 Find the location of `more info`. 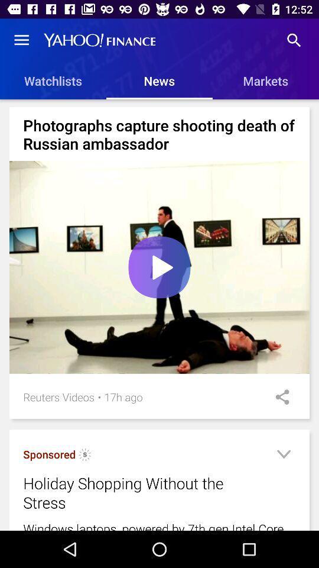

more info is located at coordinates (283, 456).